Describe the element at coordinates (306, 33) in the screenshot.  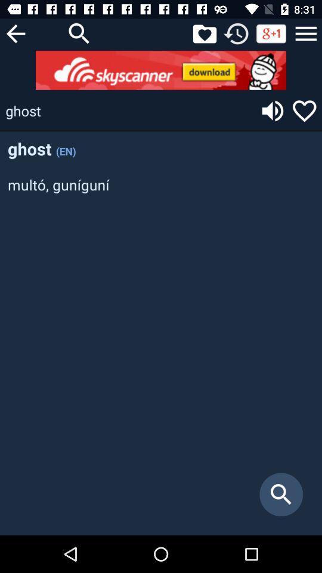
I see `the menu icon` at that location.